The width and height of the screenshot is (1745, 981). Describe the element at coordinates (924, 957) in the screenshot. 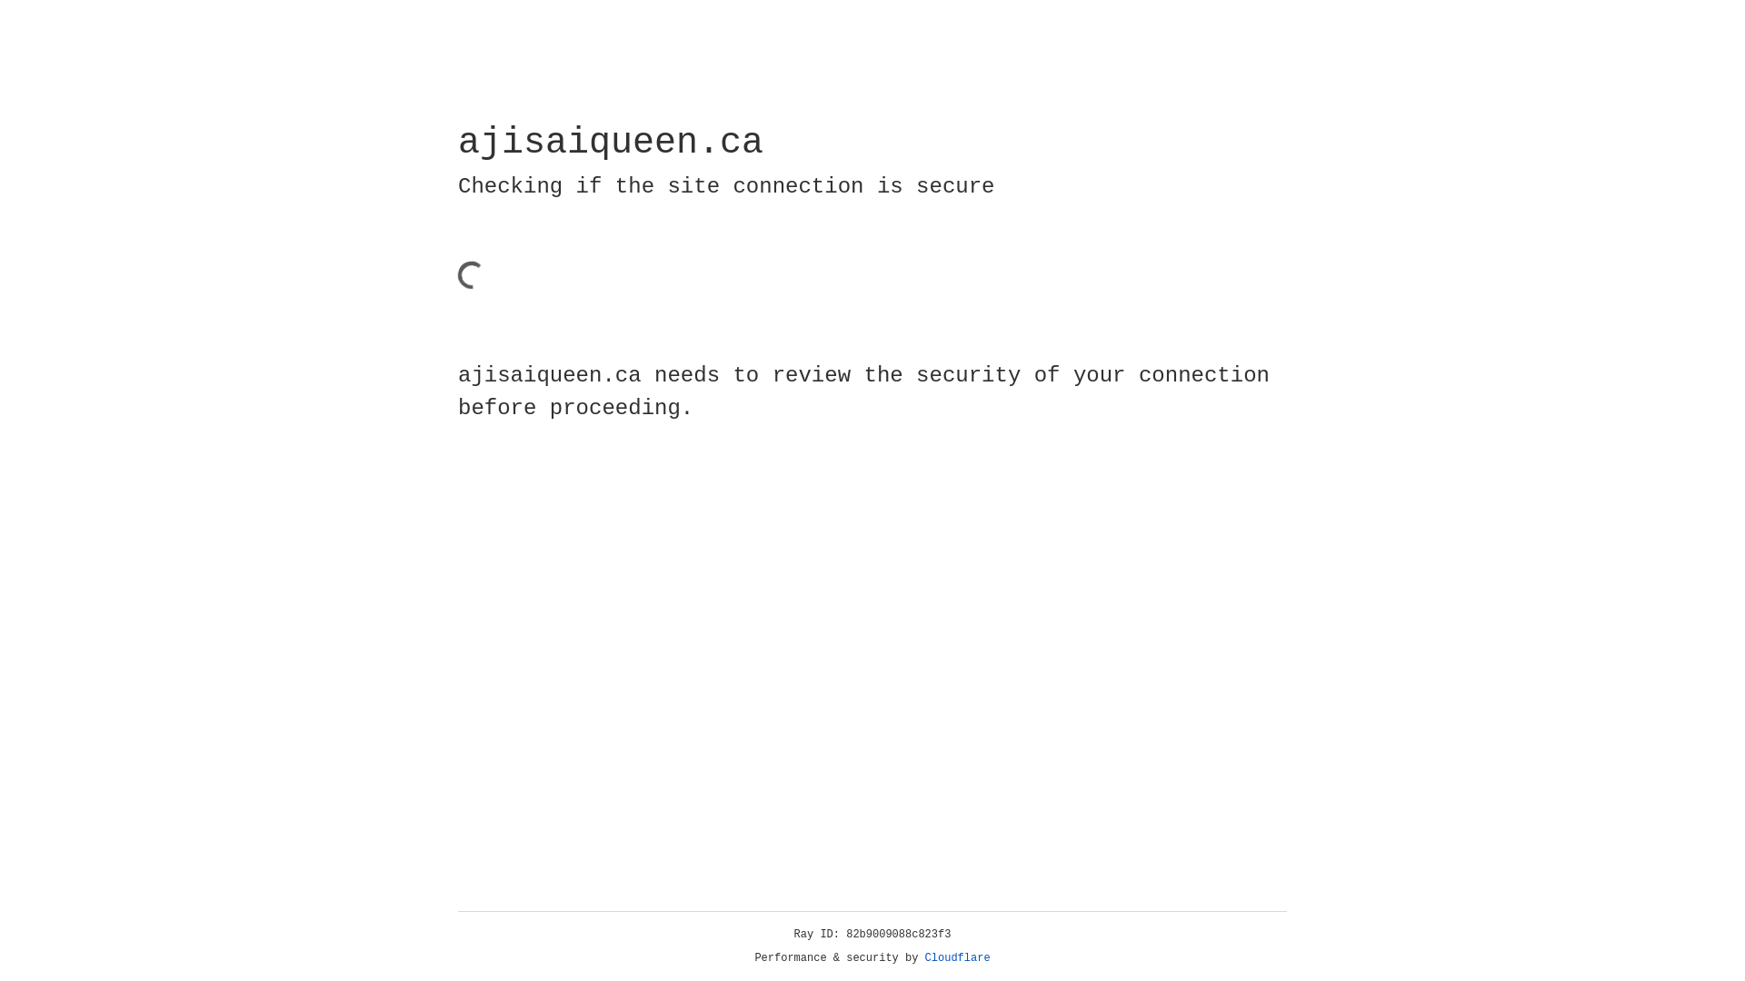

I see `'Cloudflare'` at that location.